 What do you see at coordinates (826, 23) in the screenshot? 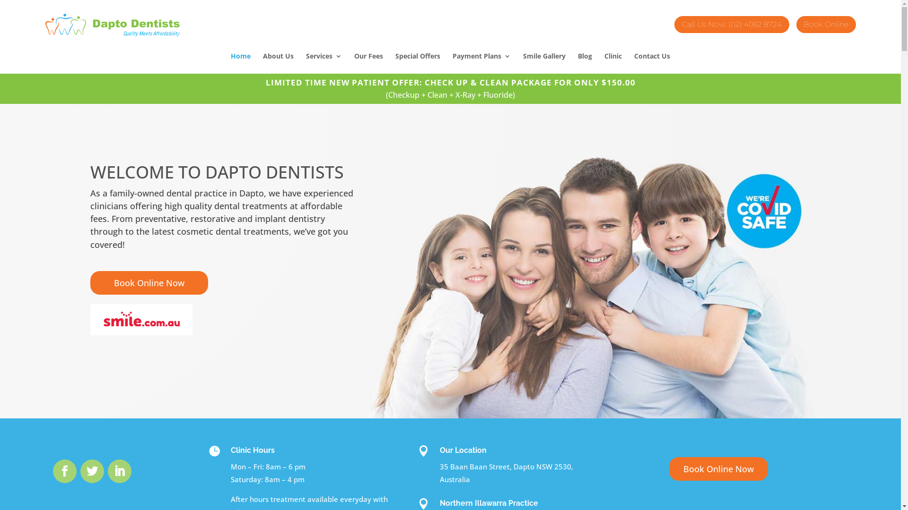
I see `'Book Online'` at bounding box center [826, 23].